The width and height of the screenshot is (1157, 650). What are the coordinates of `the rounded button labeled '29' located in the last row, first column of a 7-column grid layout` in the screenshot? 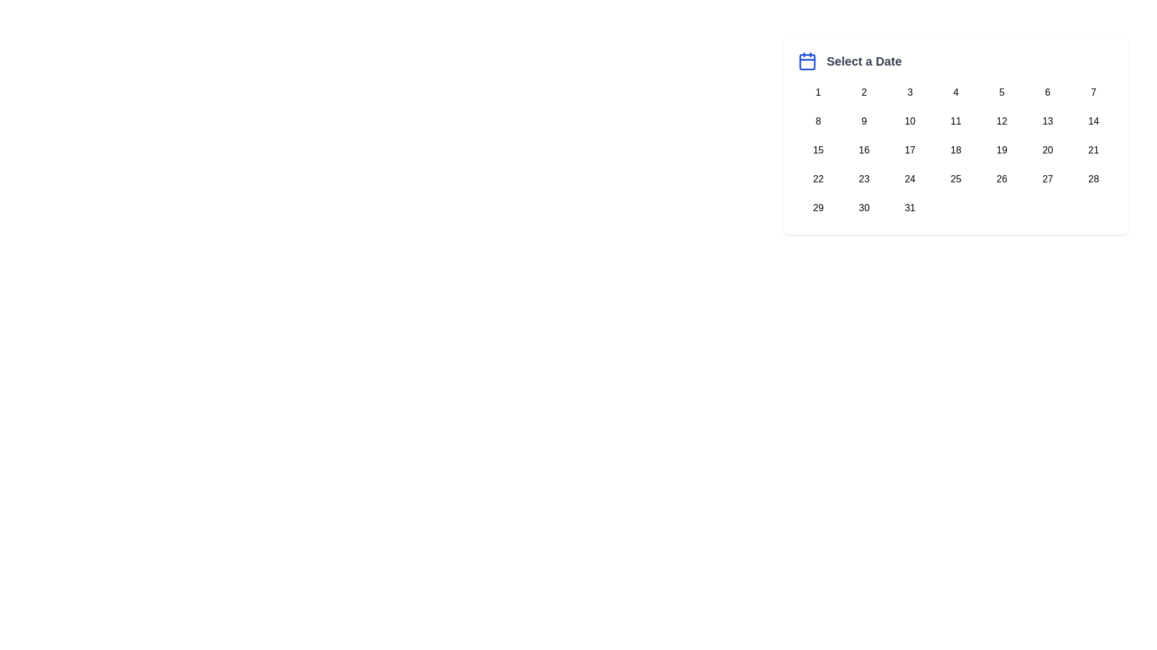 It's located at (818, 208).